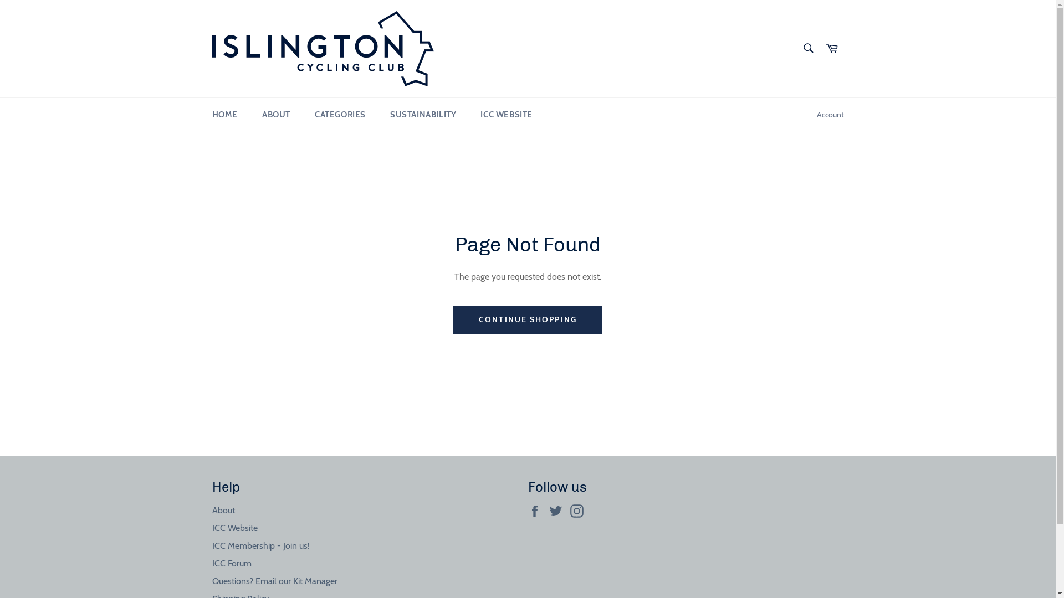 This screenshot has height=598, width=1064. I want to click on 'Search', so click(807, 48).